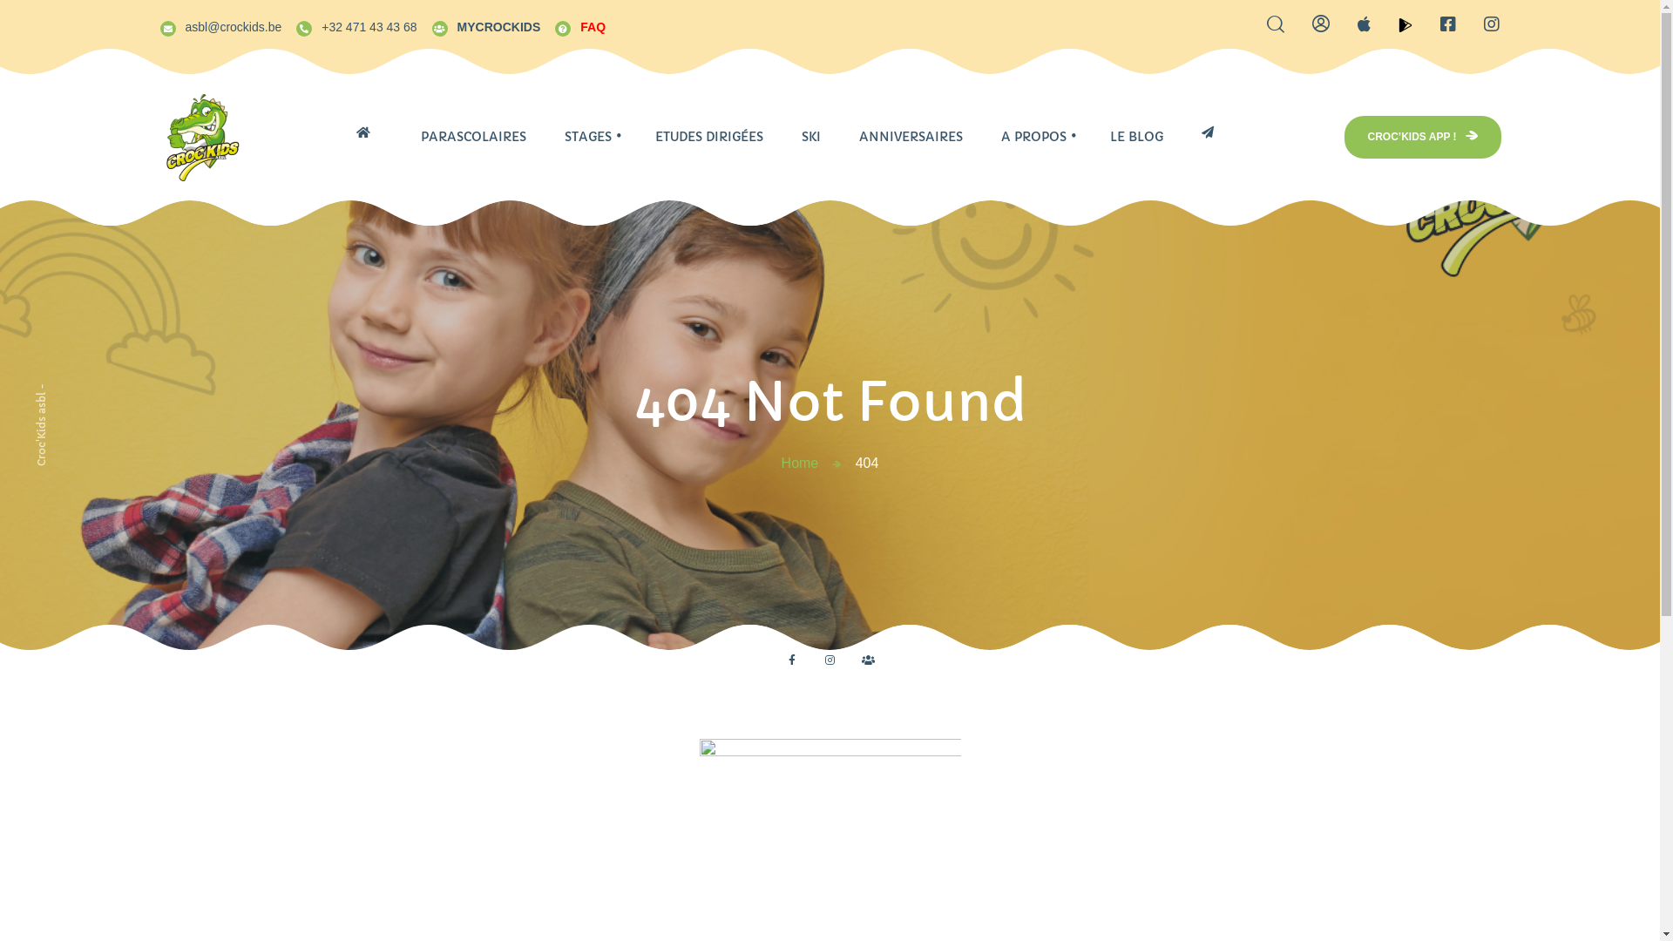 This screenshot has width=1673, height=941. Describe the element at coordinates (799, 462) in the screenshot. I see `'Home'` at that location.